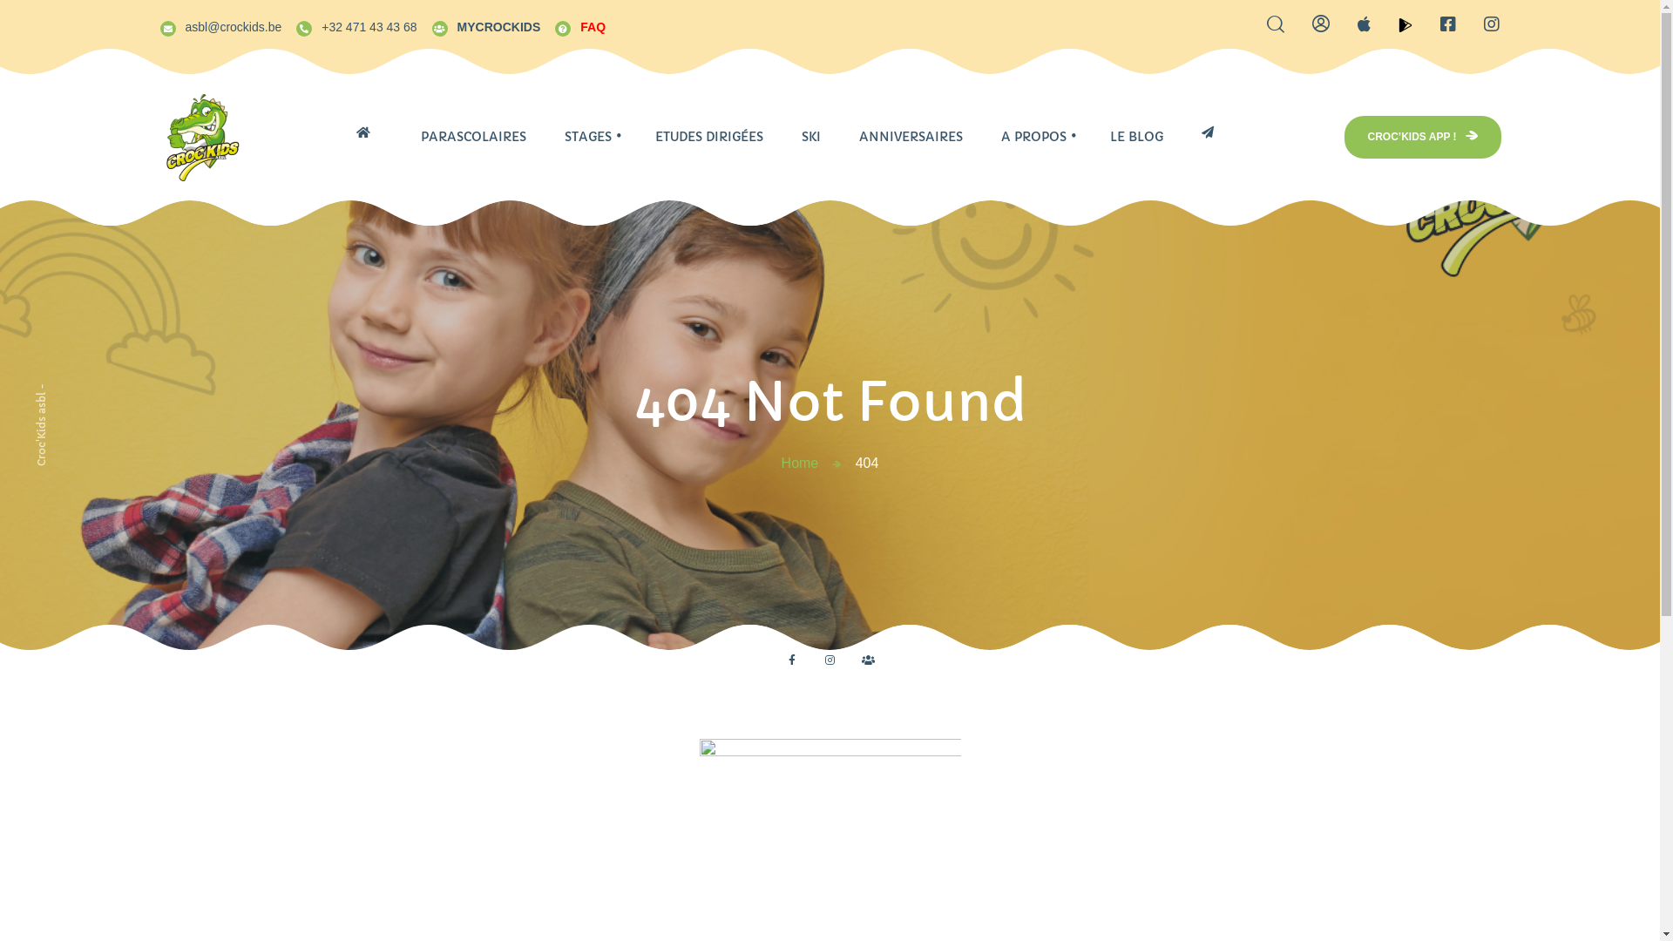 This screenshot has width=1673, height=941. Describe the element at coordinates (799, 462) in the screenshot. I see `'Home'` at that location.